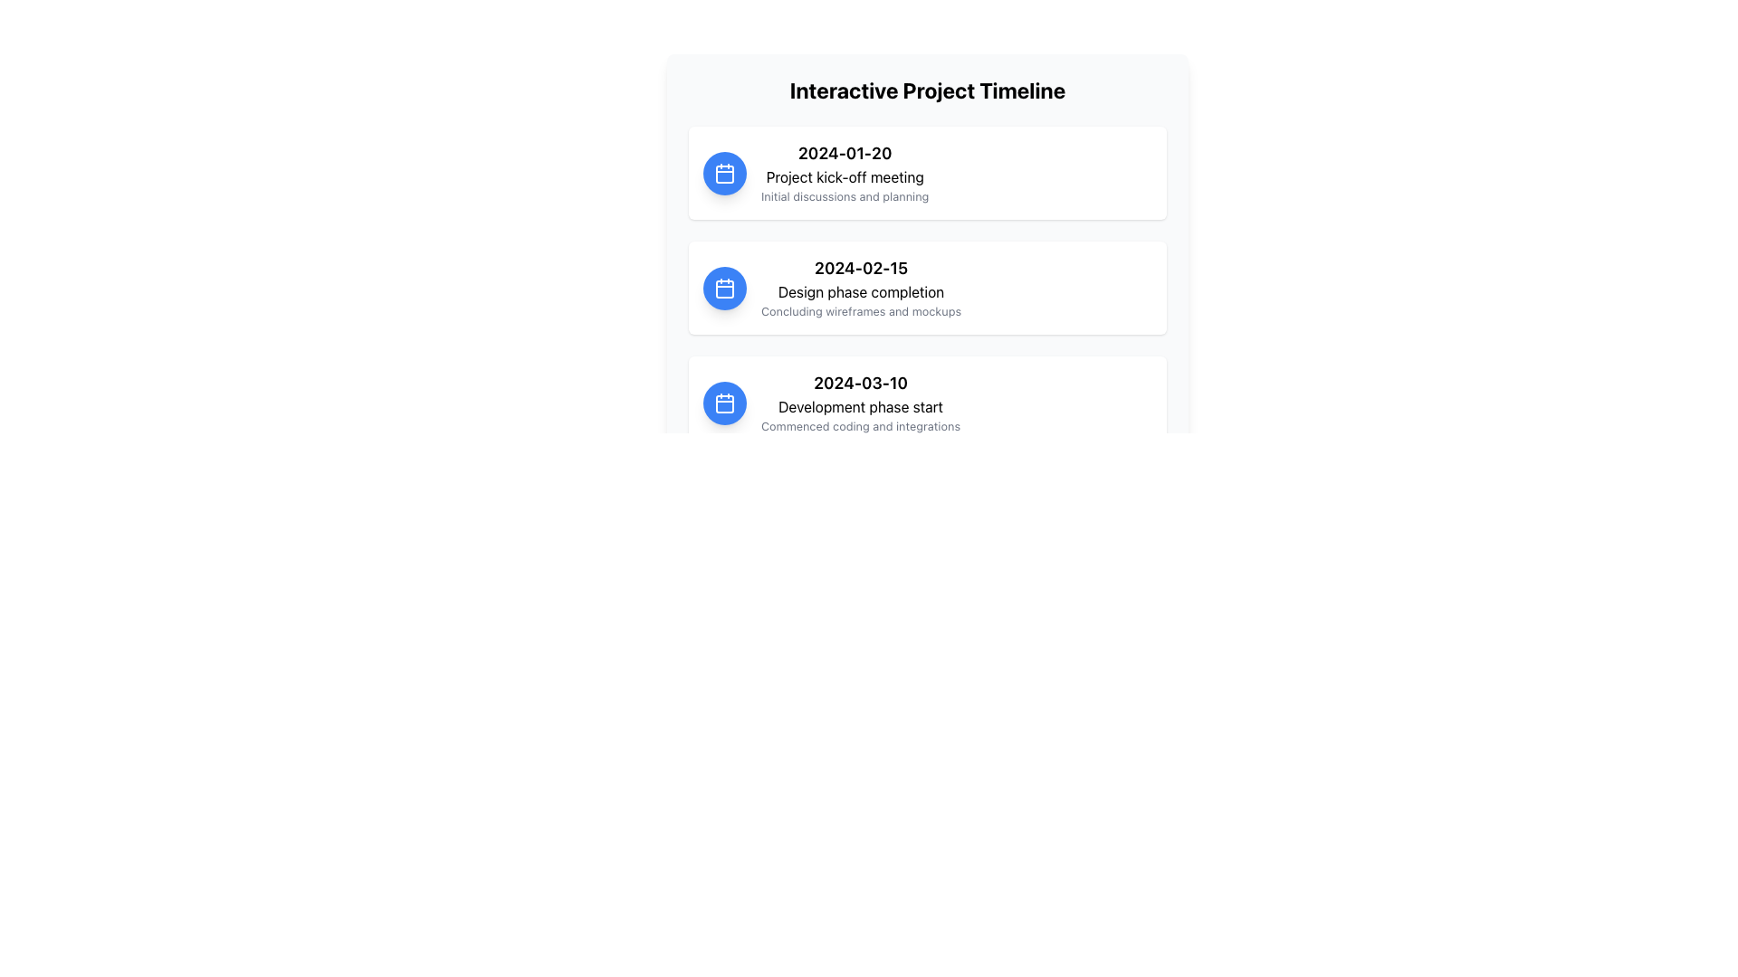  Describe the element at coordinates (725, 401) in the screenshot. I see `the blue circular button with a calendar icon located at the top left corner of the 'Development phase start' card` at that location.